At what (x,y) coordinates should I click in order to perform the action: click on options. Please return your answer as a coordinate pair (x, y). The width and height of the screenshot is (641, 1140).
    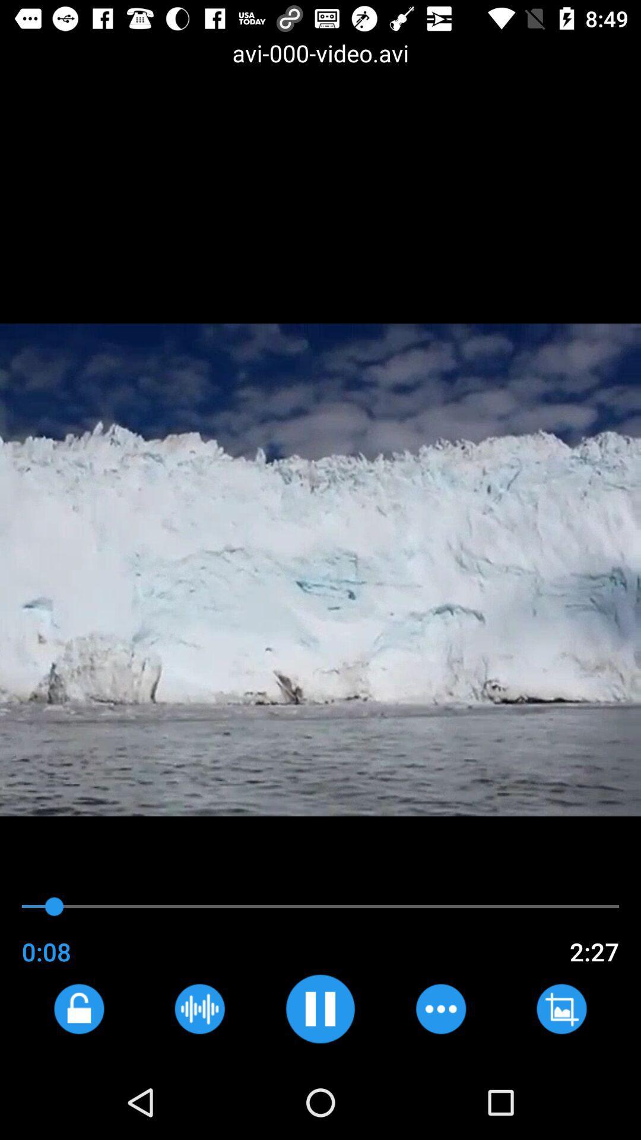
    Looking at the image, I should click on (440, 1008).